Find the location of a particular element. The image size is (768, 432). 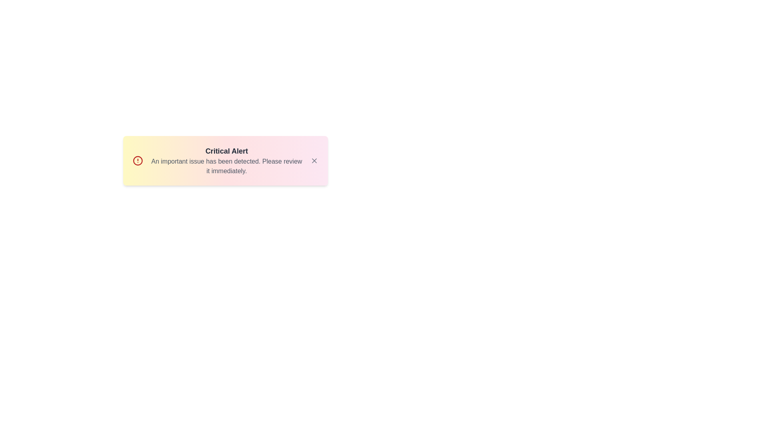

the bold and large text label displaying 'Critical Alert' located at the upper center of the notification component is located at coordinates (226, 151).